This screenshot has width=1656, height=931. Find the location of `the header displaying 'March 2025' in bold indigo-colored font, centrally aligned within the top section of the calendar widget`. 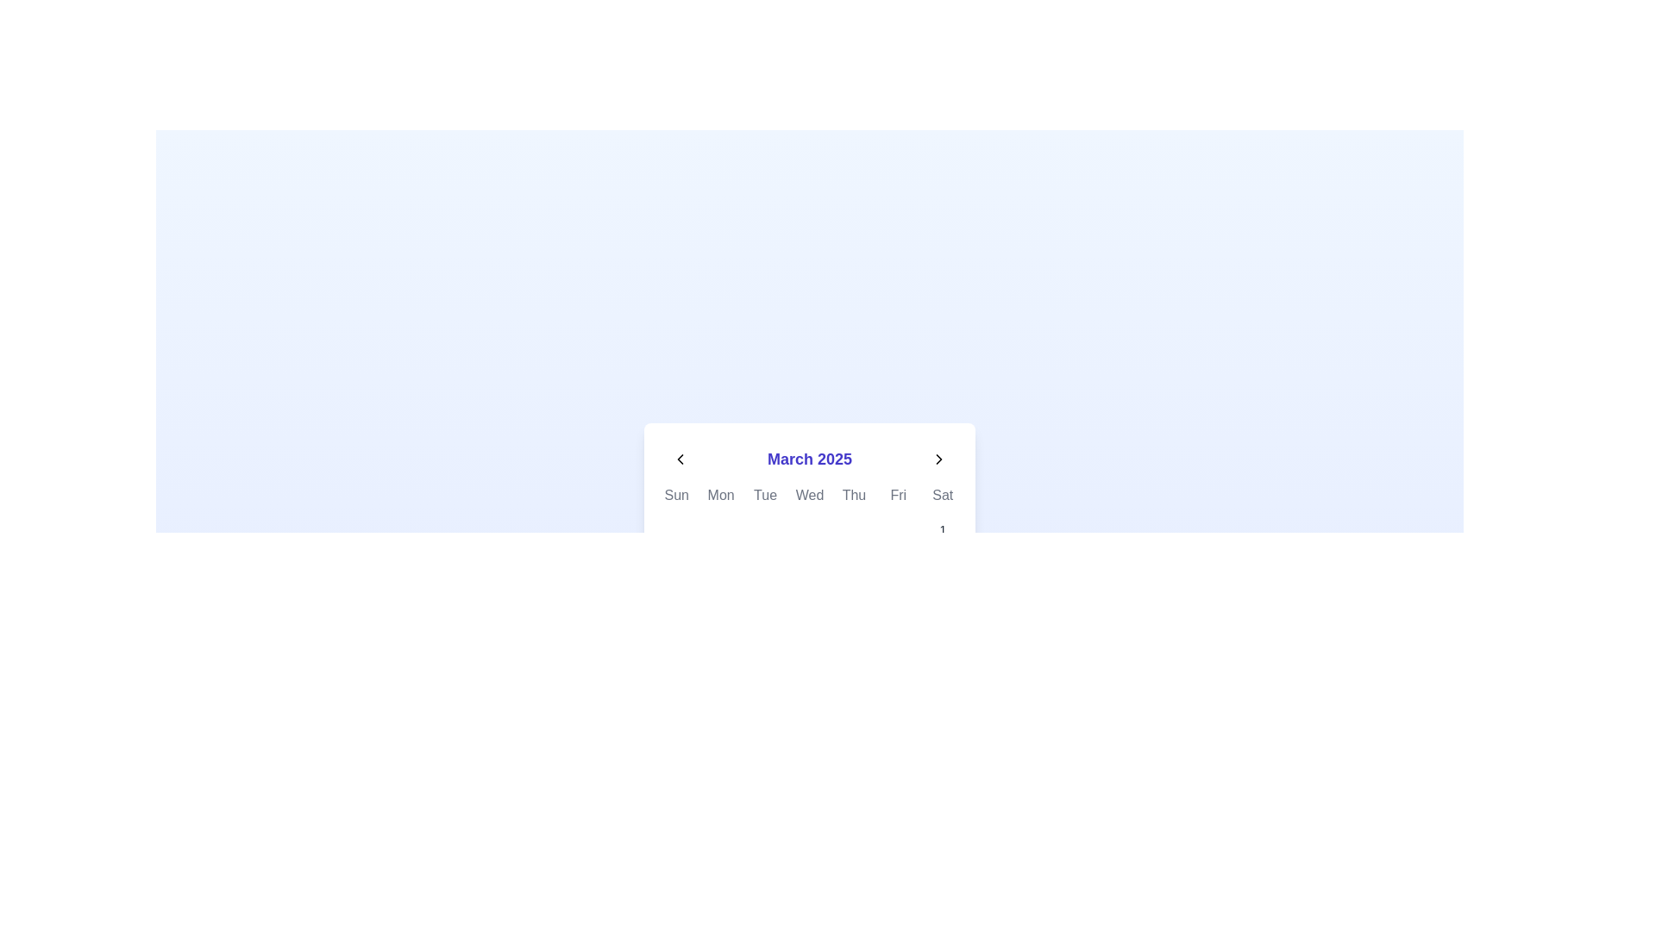

the header displaying 'March 2025' in bold indigo-colored font, centrally aligned within the top section of the calendar widget is located at coordinates (809, 458).